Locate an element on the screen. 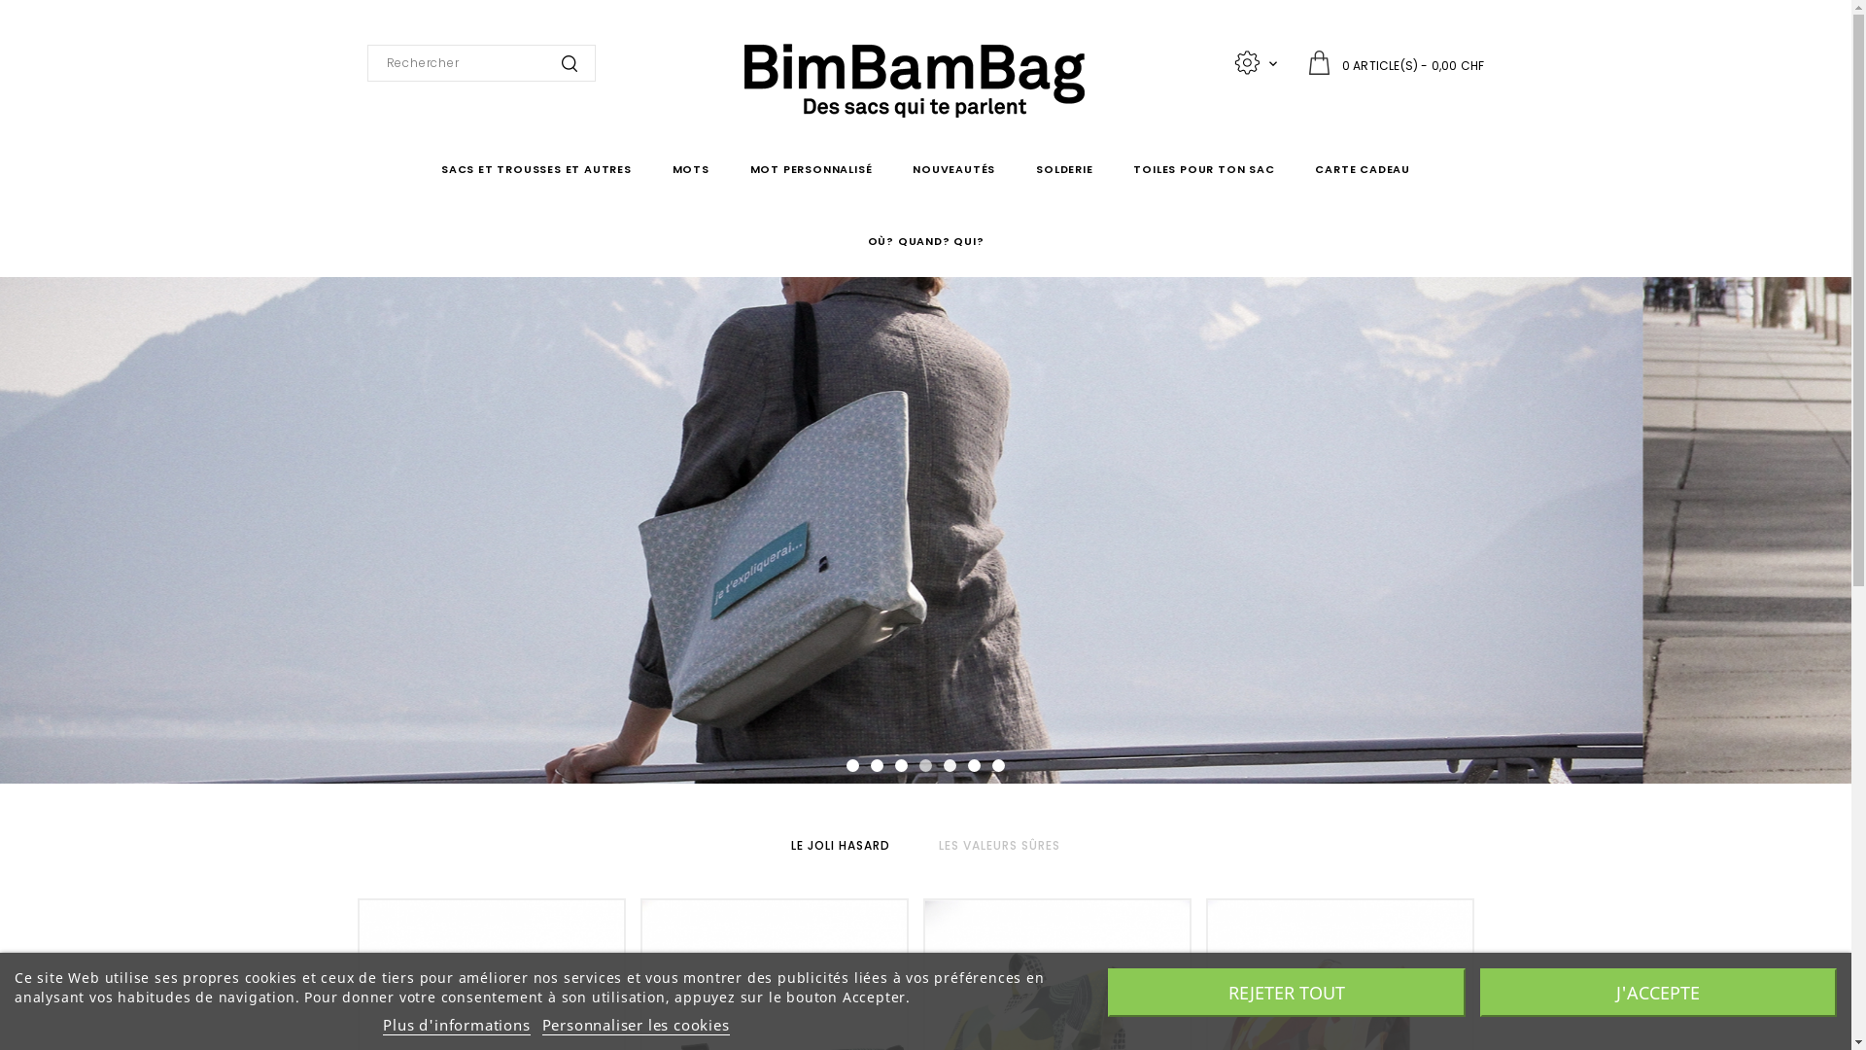 The image size is (1866, 1050). '5' is located at coordinates (950, 764).